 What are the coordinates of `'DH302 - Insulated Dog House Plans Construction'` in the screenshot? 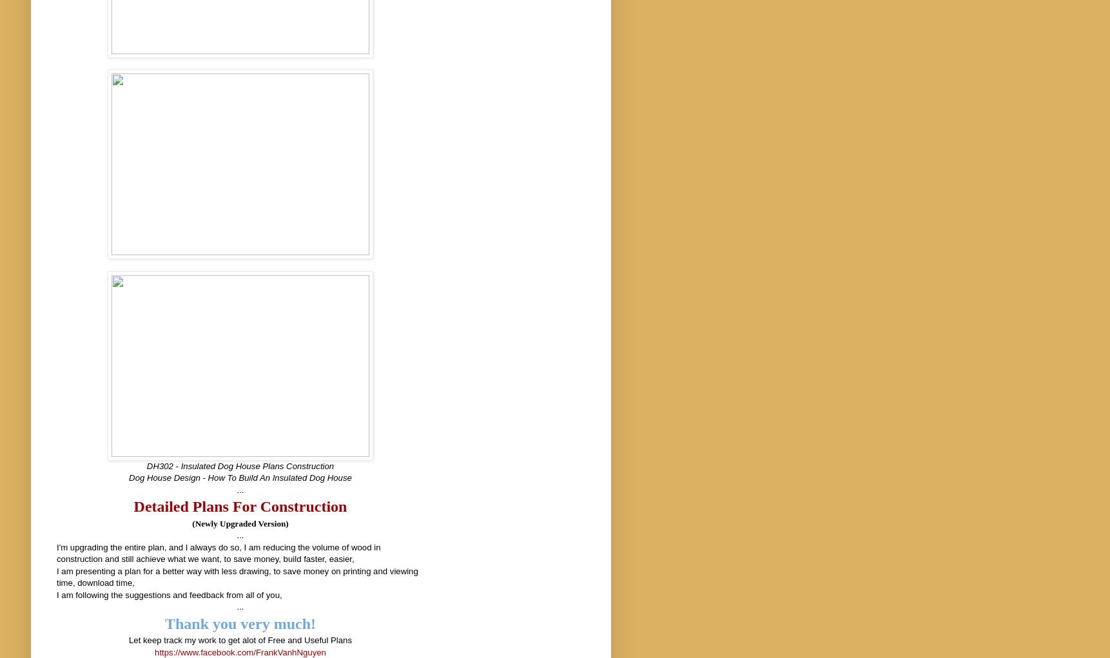 It's located at (145, 465).